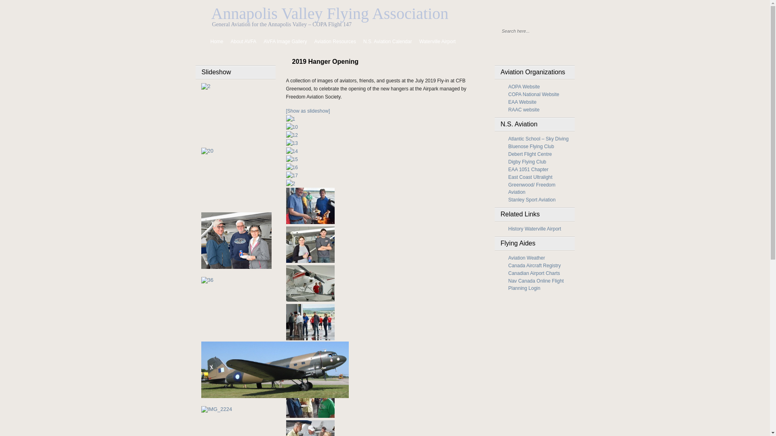  What do you see at coordinates (286, 111) in the screenshot?
I see `'[Show as slideshow]'` at bounding box center [286, 111].